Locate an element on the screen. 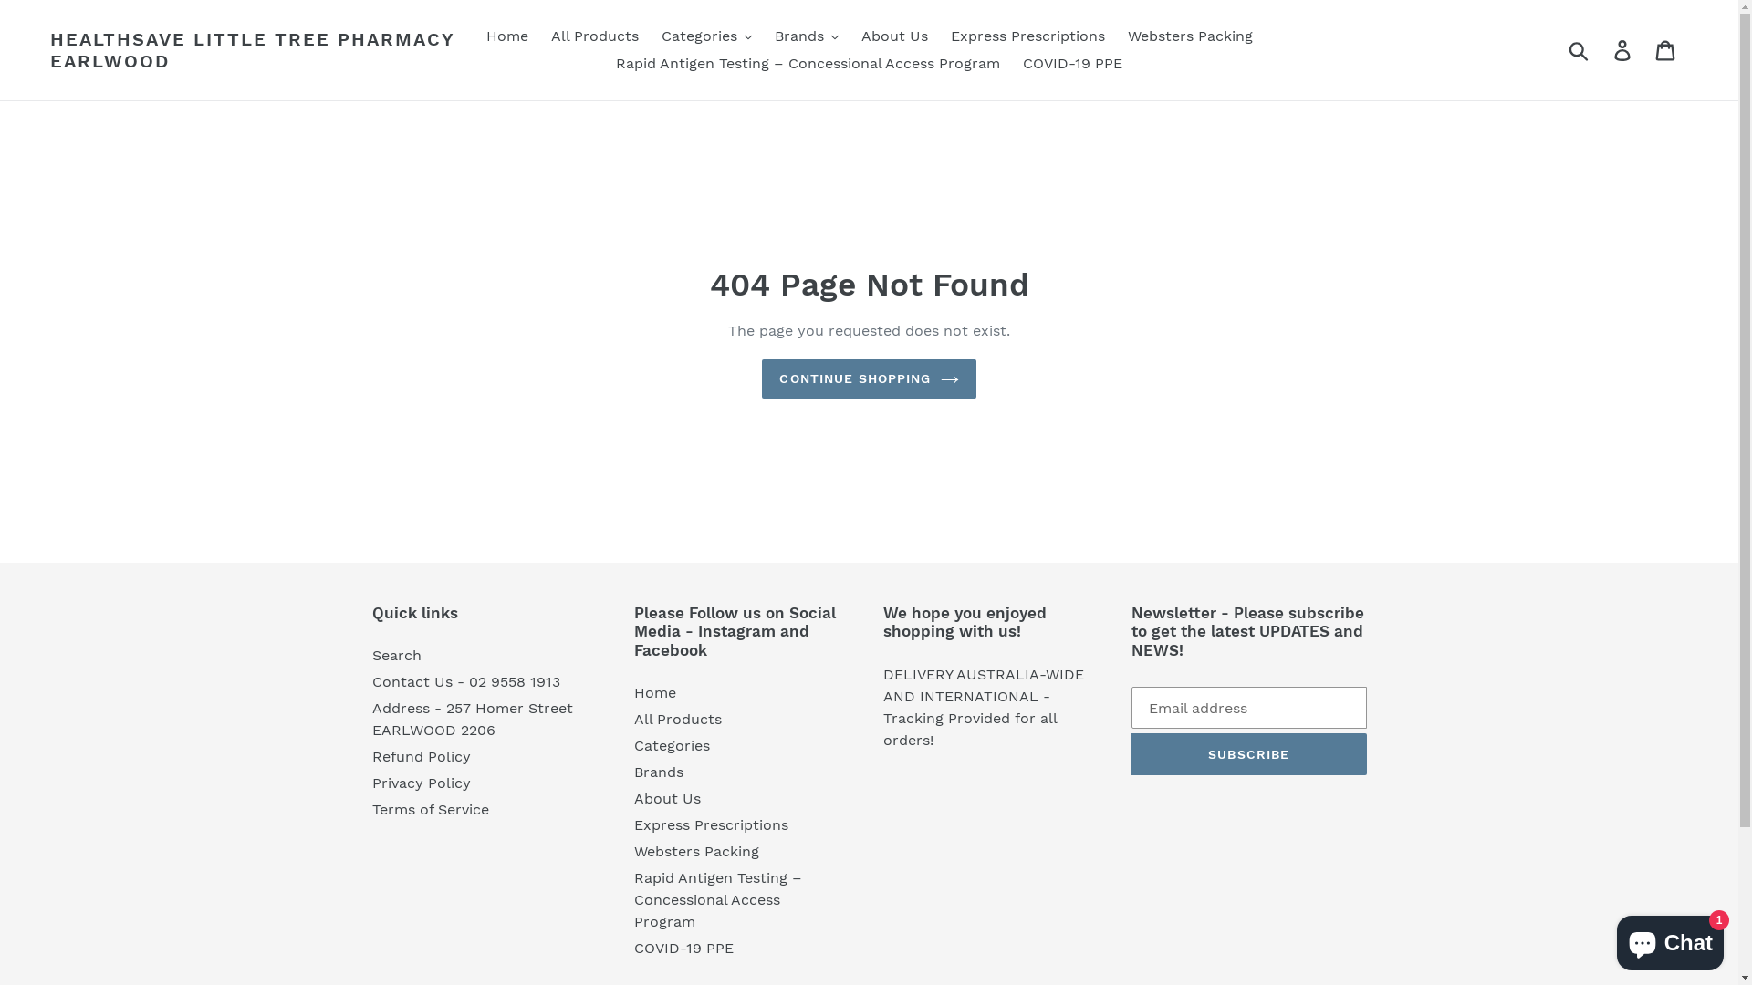  'Address - 257 Homer Street EARLWOOD 2206' is located at coordinates (473, 718).